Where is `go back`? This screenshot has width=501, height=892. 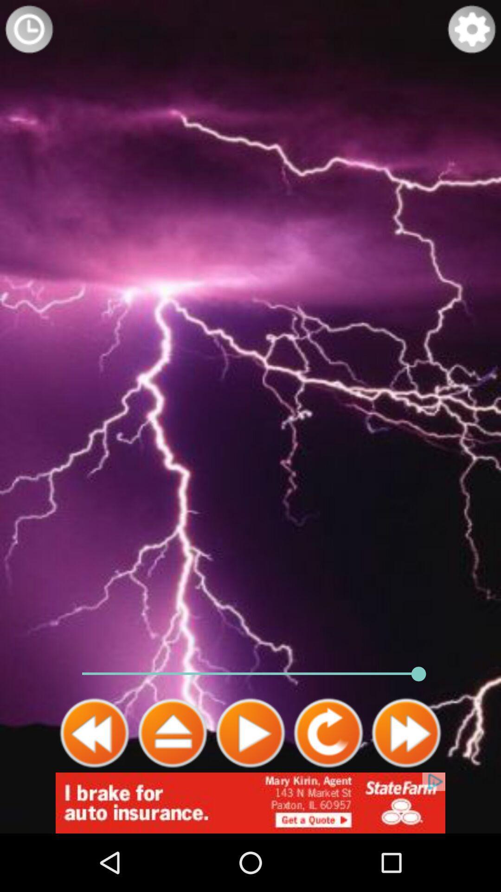
go back is located at coordinates (95, 733).